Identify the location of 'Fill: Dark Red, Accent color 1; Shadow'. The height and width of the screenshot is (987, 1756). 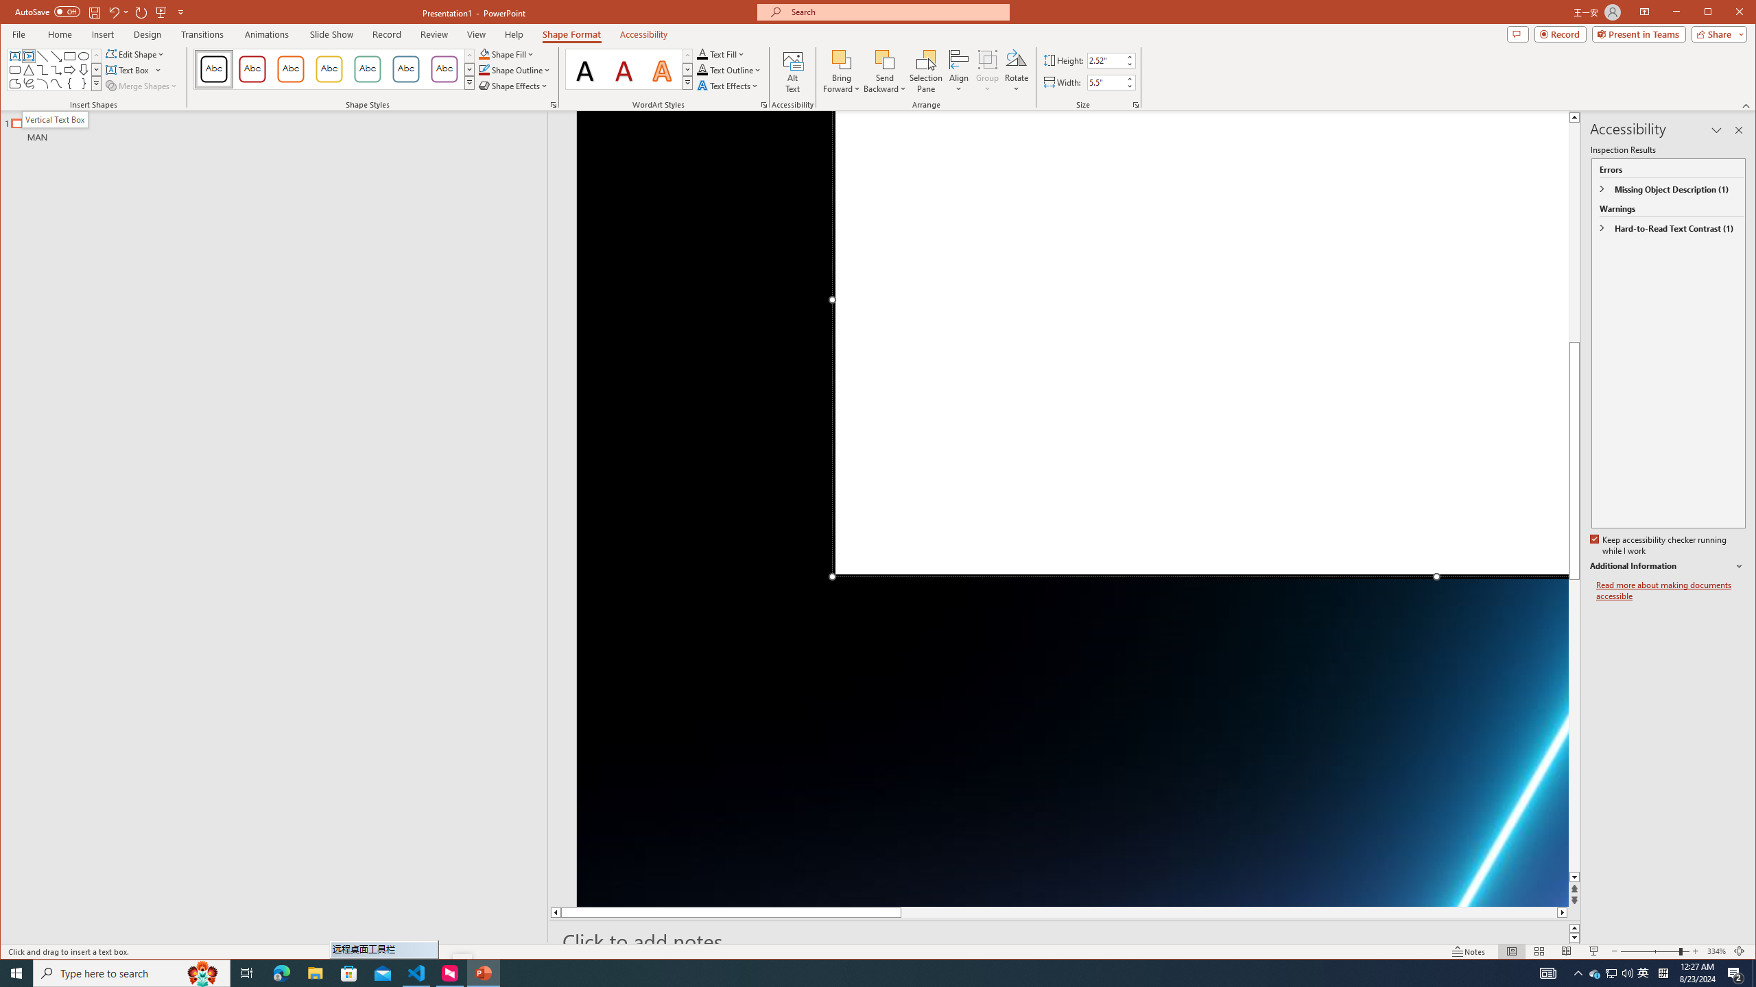
(624, 69).